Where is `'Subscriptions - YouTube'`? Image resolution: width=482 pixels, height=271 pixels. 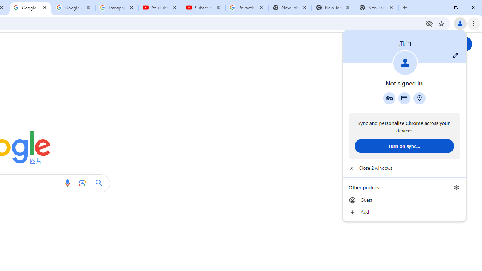 'Subscriptions - YouTube' is located at coordinates (203, 8).